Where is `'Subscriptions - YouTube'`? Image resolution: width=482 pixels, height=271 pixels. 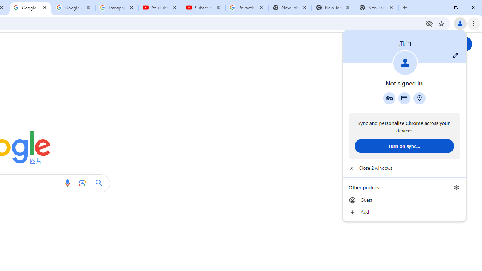 'Subscriptions - YouTube' is located at coordinates (203, 8).